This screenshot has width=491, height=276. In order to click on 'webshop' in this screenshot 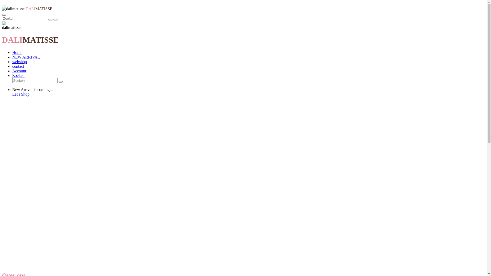, I will do `click(19, 61)`.